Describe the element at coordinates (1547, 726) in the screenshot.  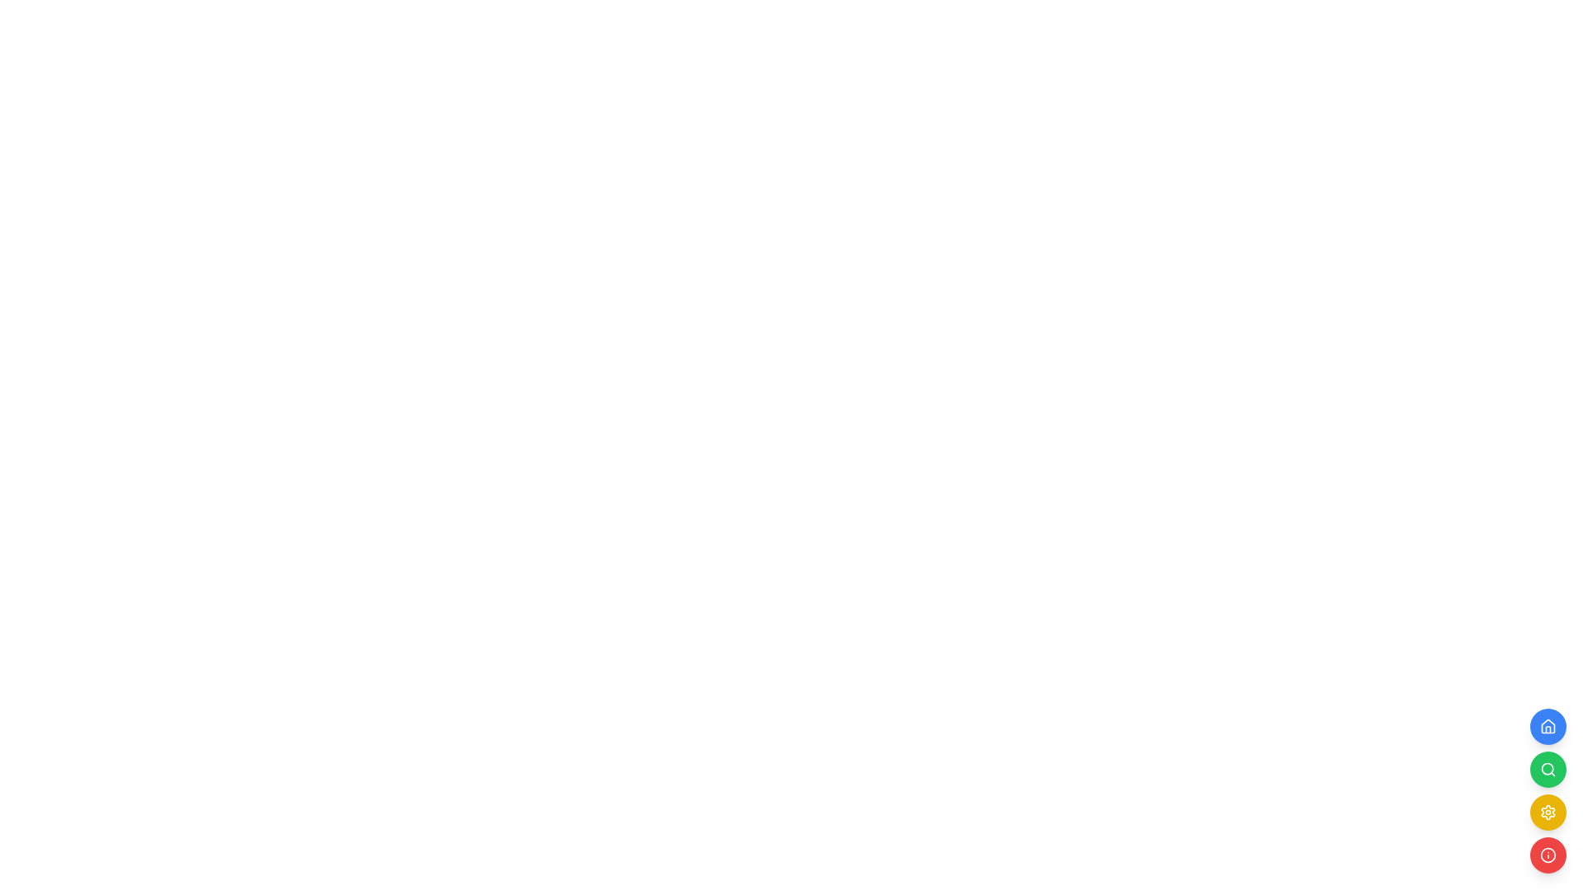
I see `the circular blue button with a white house icon` at that location.